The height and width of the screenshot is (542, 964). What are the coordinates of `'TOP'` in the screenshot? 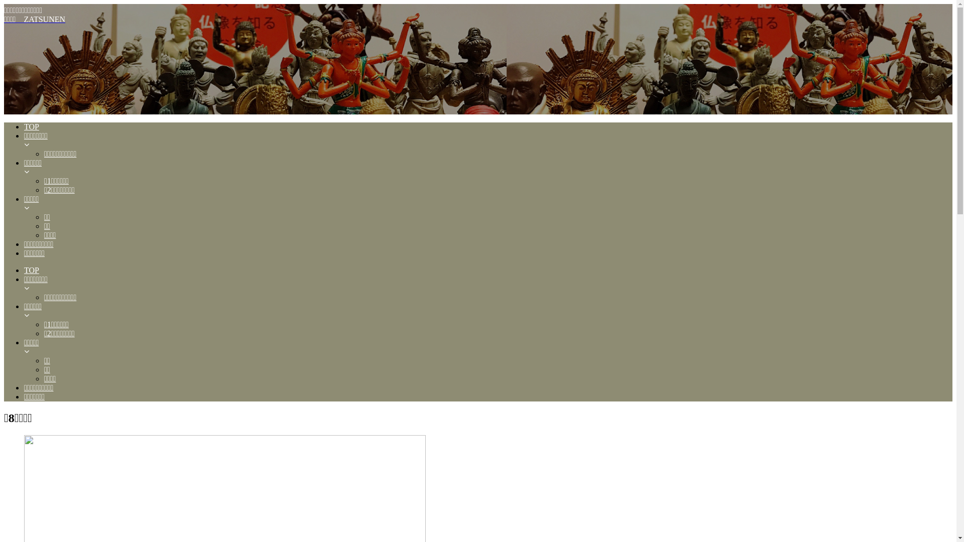 It's located at (24, 270).